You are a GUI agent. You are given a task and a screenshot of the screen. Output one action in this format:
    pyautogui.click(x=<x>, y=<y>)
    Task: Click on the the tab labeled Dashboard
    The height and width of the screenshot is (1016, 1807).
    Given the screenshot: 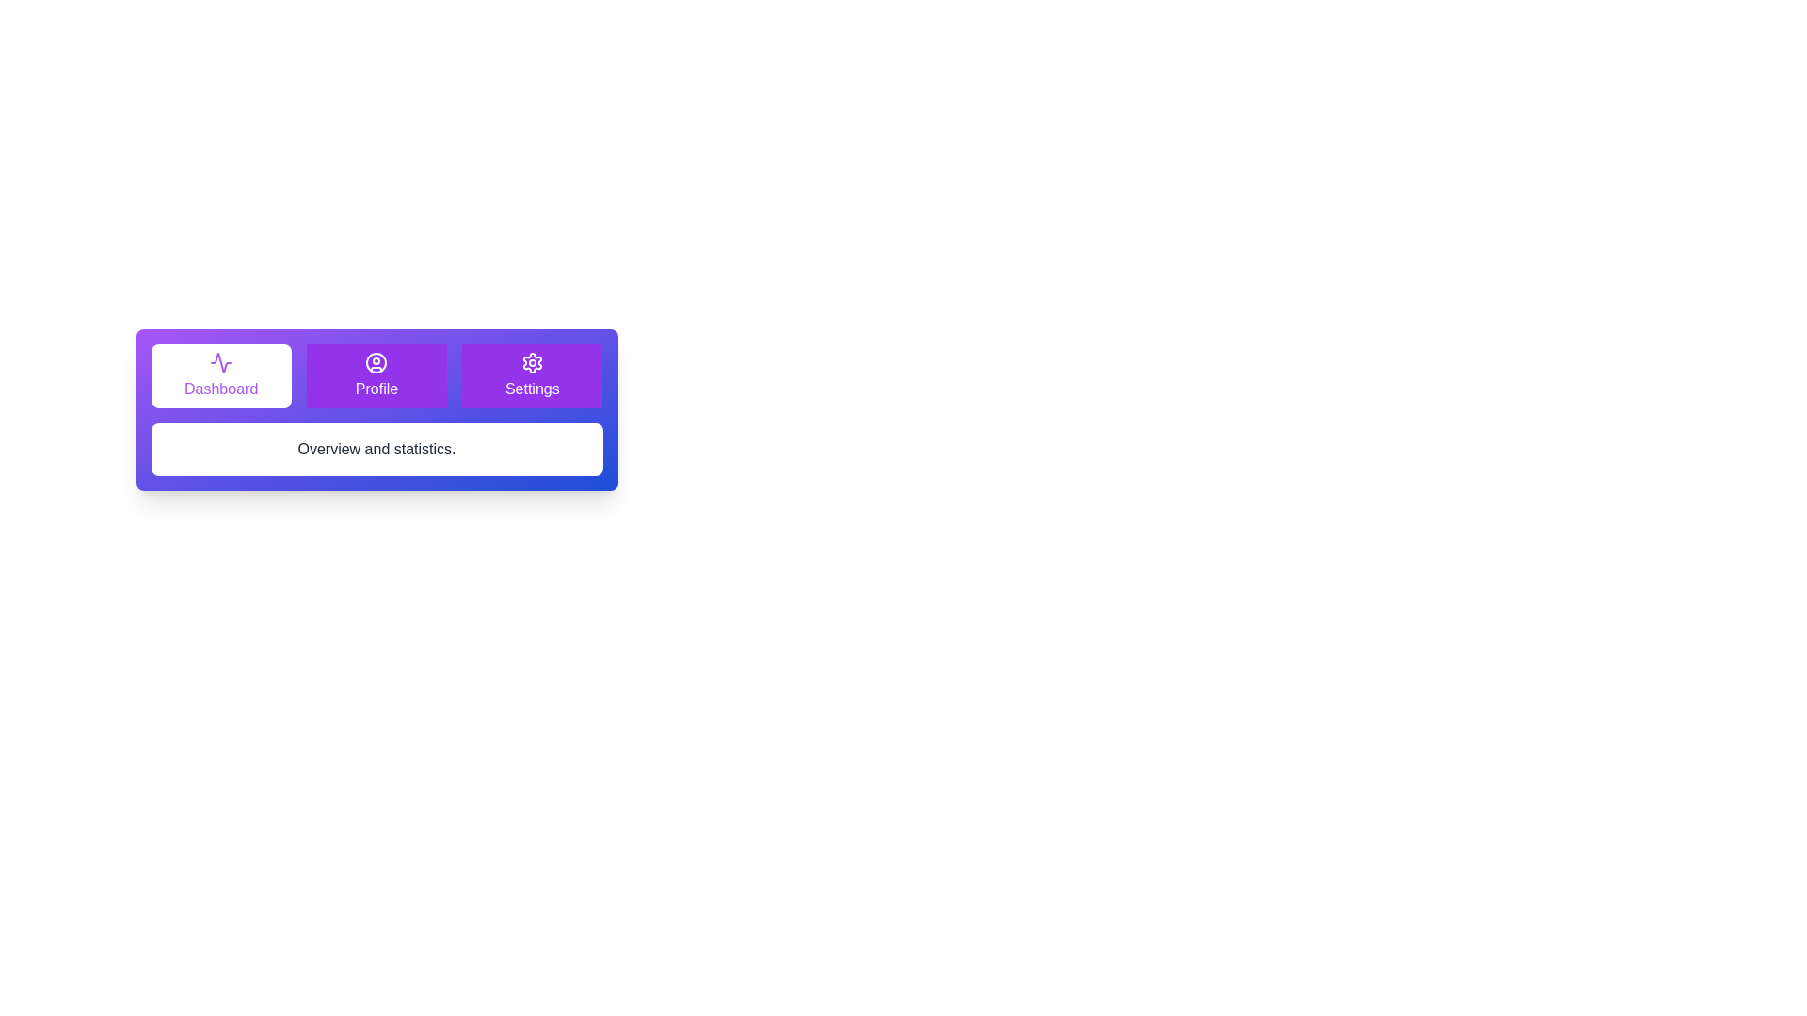 What is the action you would take?
    pyautogui.click(x=221, y=376)
    